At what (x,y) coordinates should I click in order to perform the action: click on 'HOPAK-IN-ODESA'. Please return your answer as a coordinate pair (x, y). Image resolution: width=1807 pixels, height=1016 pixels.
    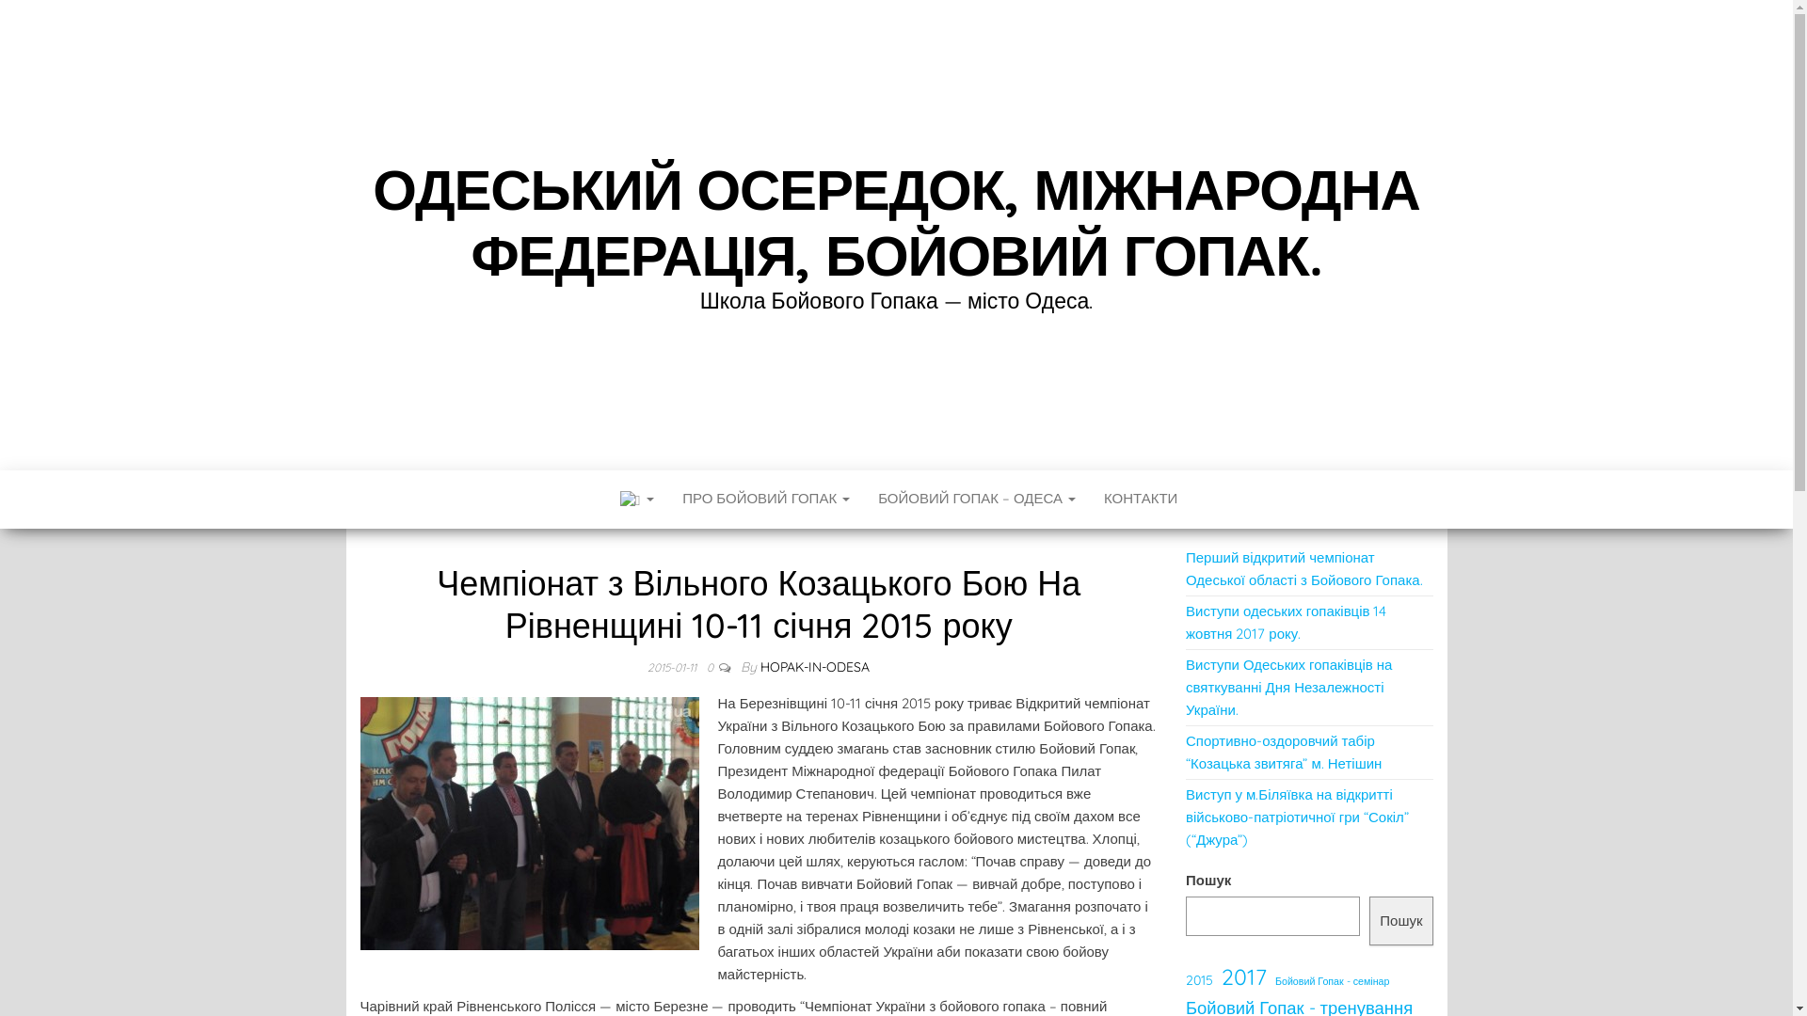
    Looking at the image, I should click on (814, 666).